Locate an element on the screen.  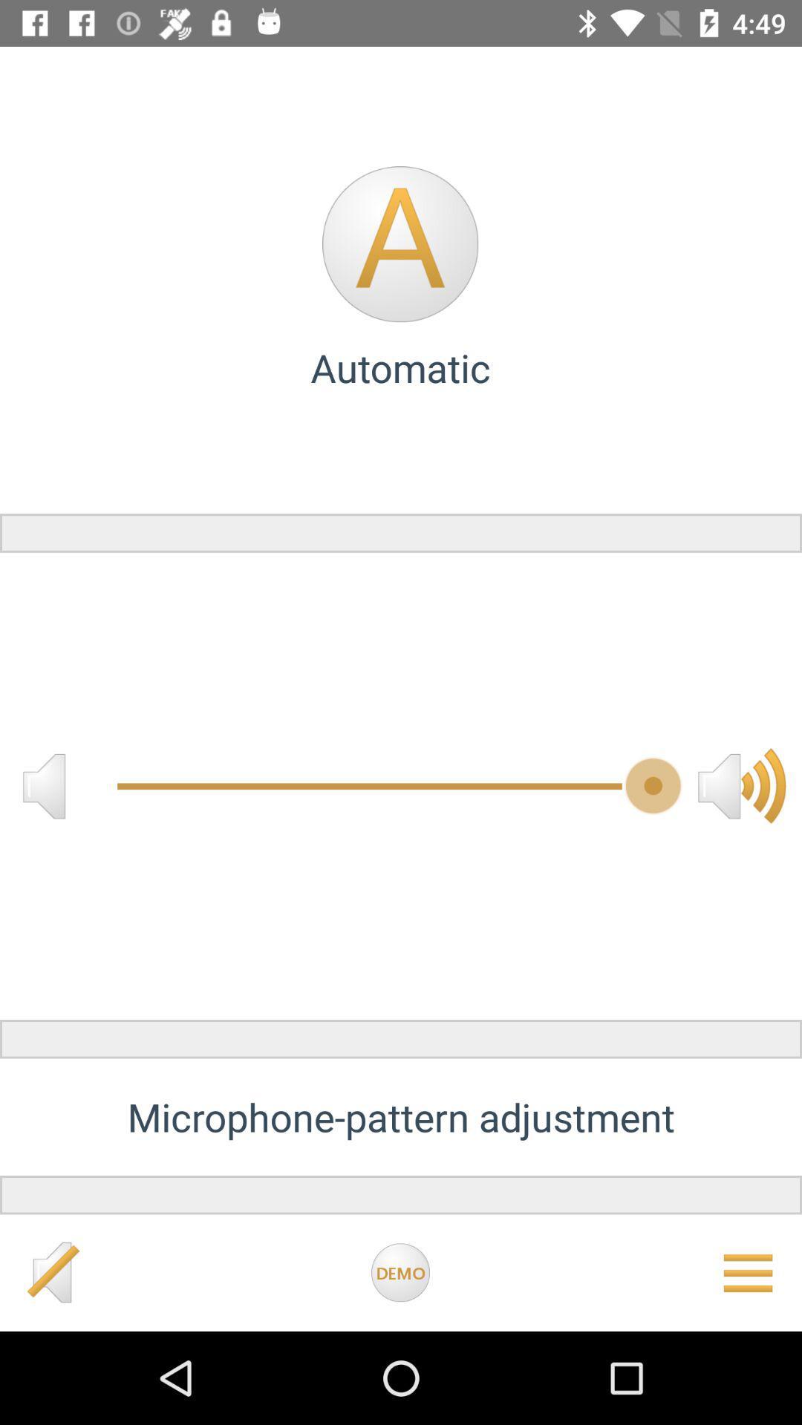
the volume icon is located at coordinates (742, 785).